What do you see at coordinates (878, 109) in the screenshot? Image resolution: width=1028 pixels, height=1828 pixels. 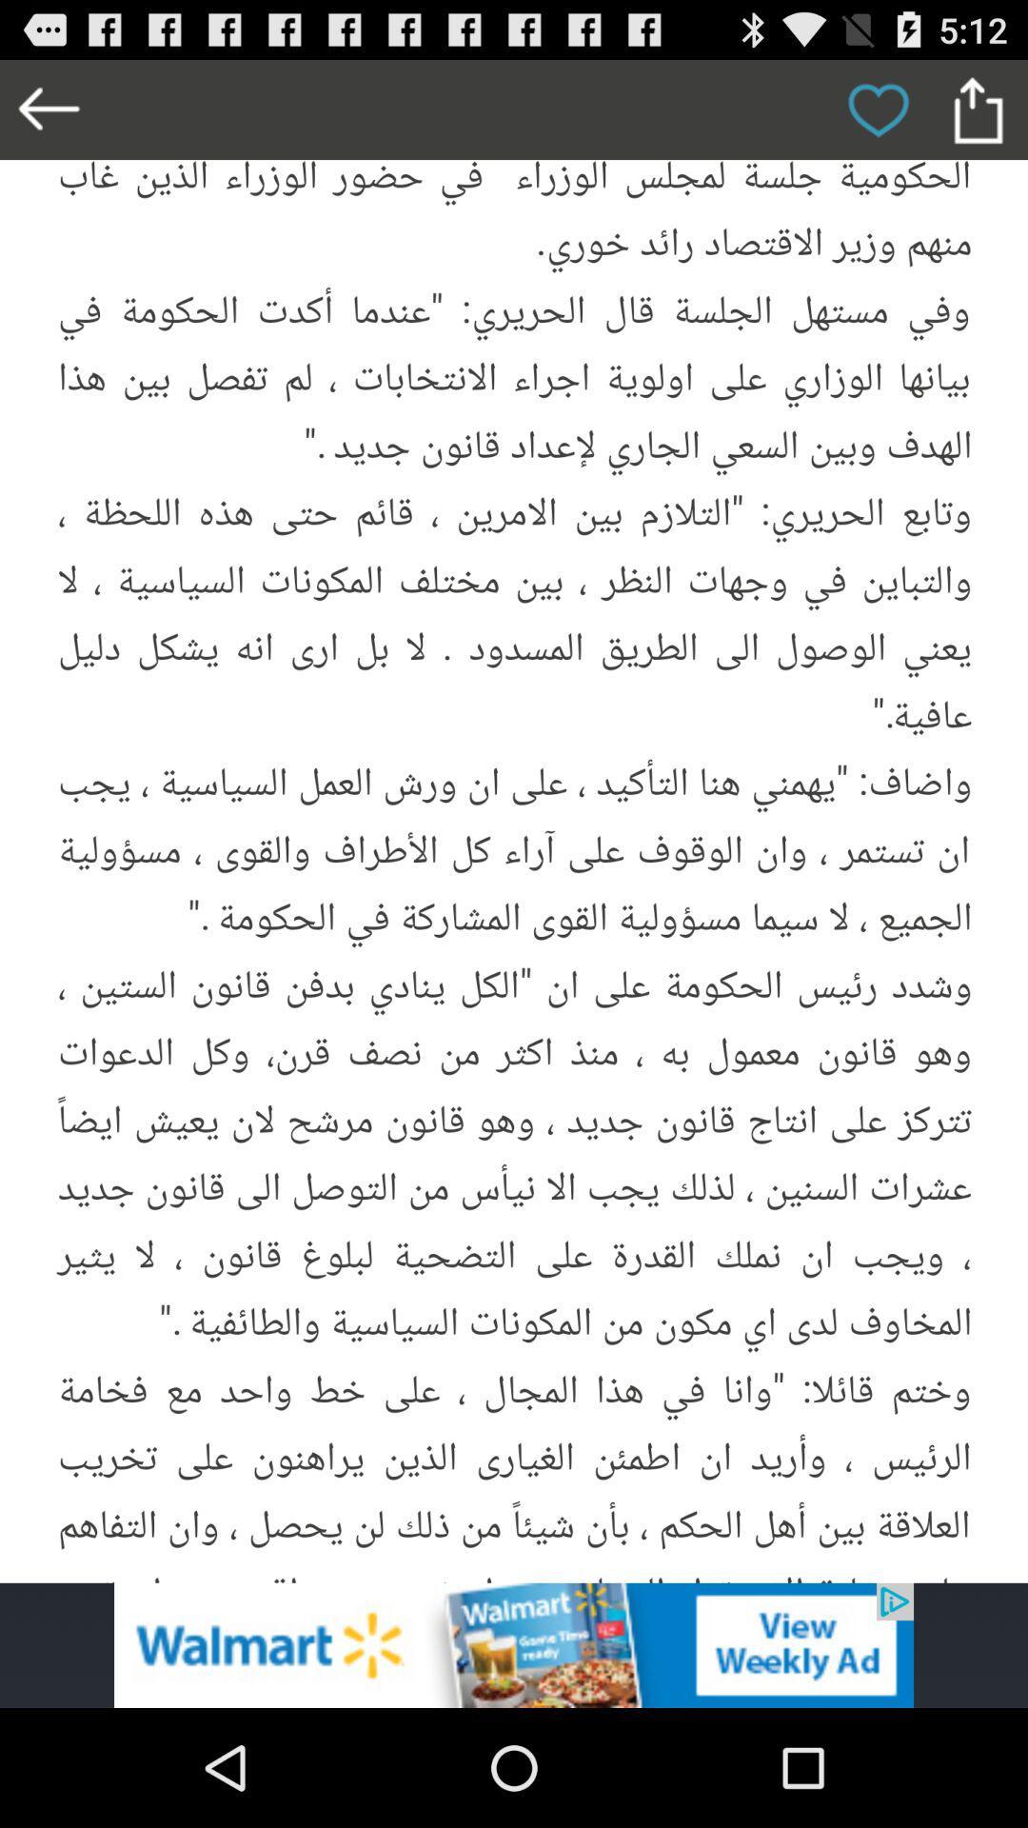 I see `heart this` at bounding box center [878, 109].